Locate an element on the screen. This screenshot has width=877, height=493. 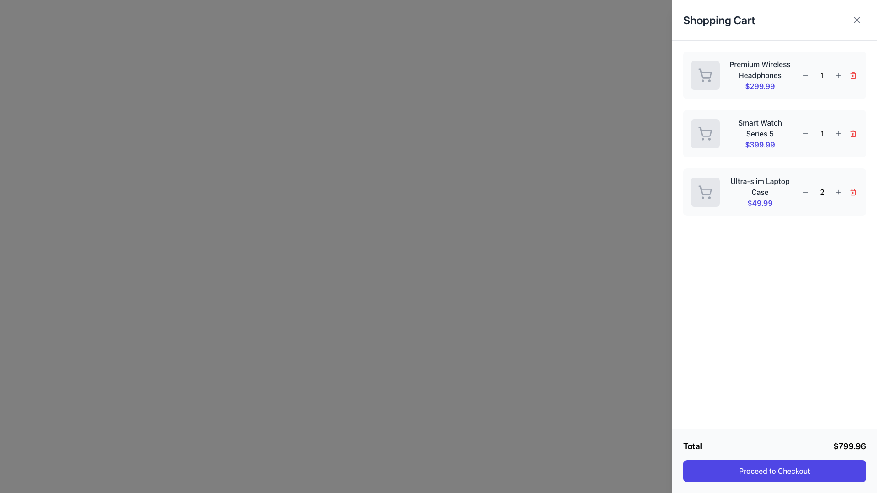
the static text displaying the number '1' under the product 'Smart Watch Series 5' in the shopping cart, located between the decrement and increment buttons is located at coordinates (822, 134).